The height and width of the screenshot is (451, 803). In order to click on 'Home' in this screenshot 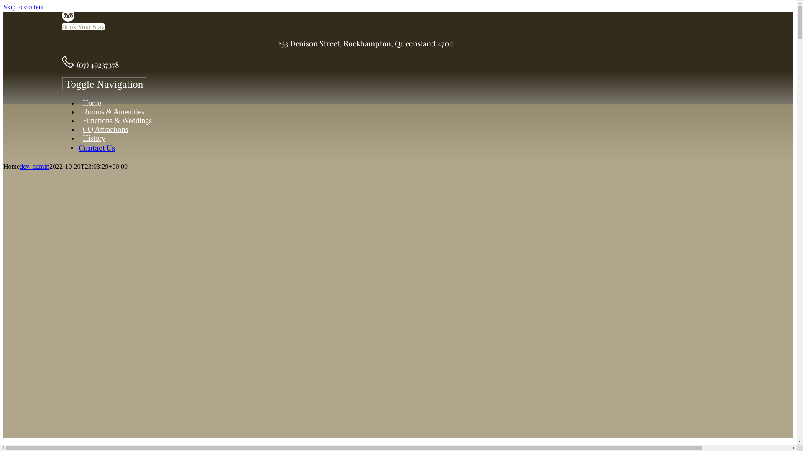, I will do `click(92, 103)`.